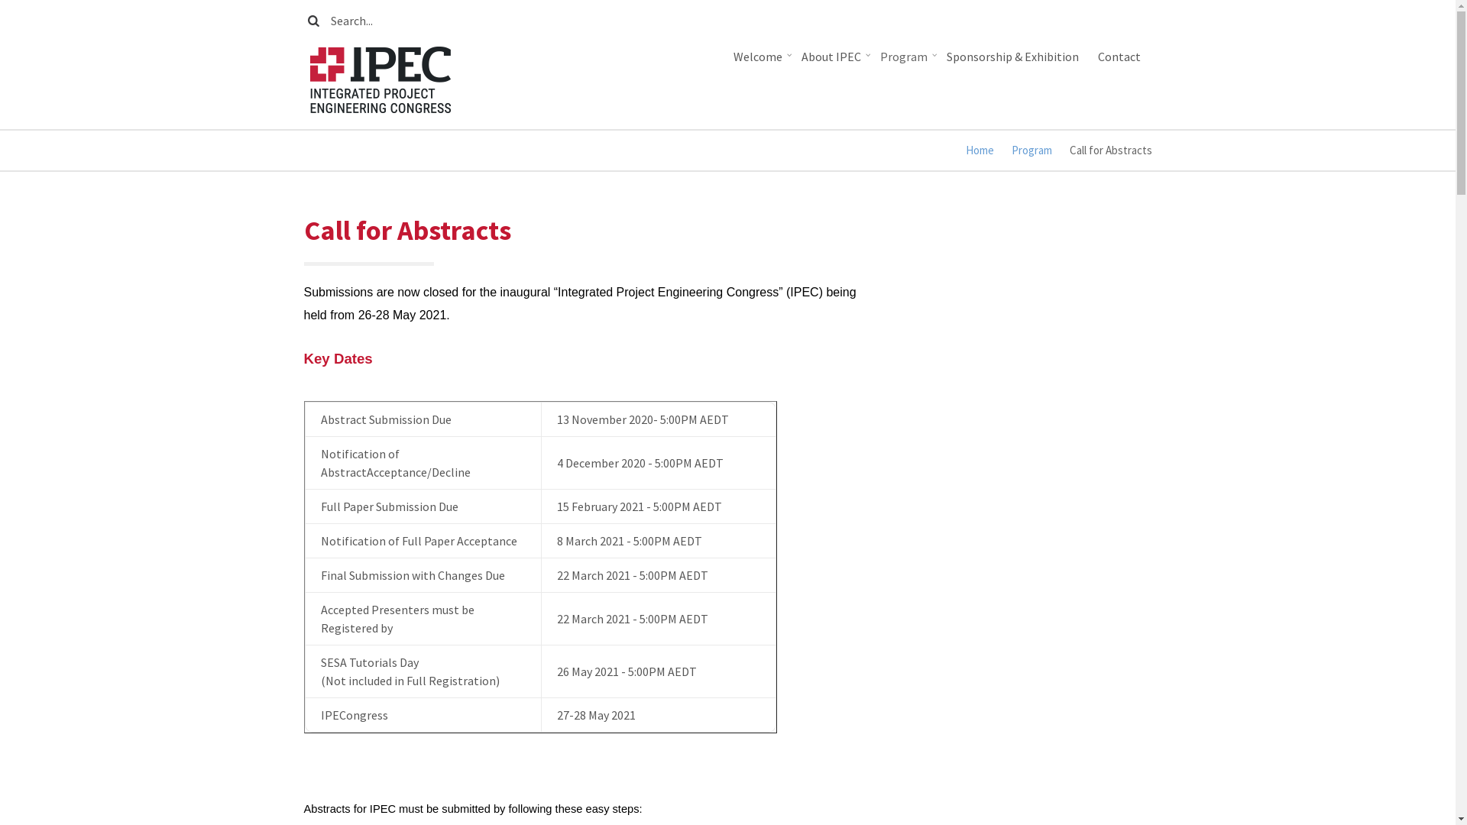 This screenshot has height=825, width=1467. Describe the element at coordinates (1013, 55) in the screenshot. I see `'Sponsorship & Exhibition'` at that location.